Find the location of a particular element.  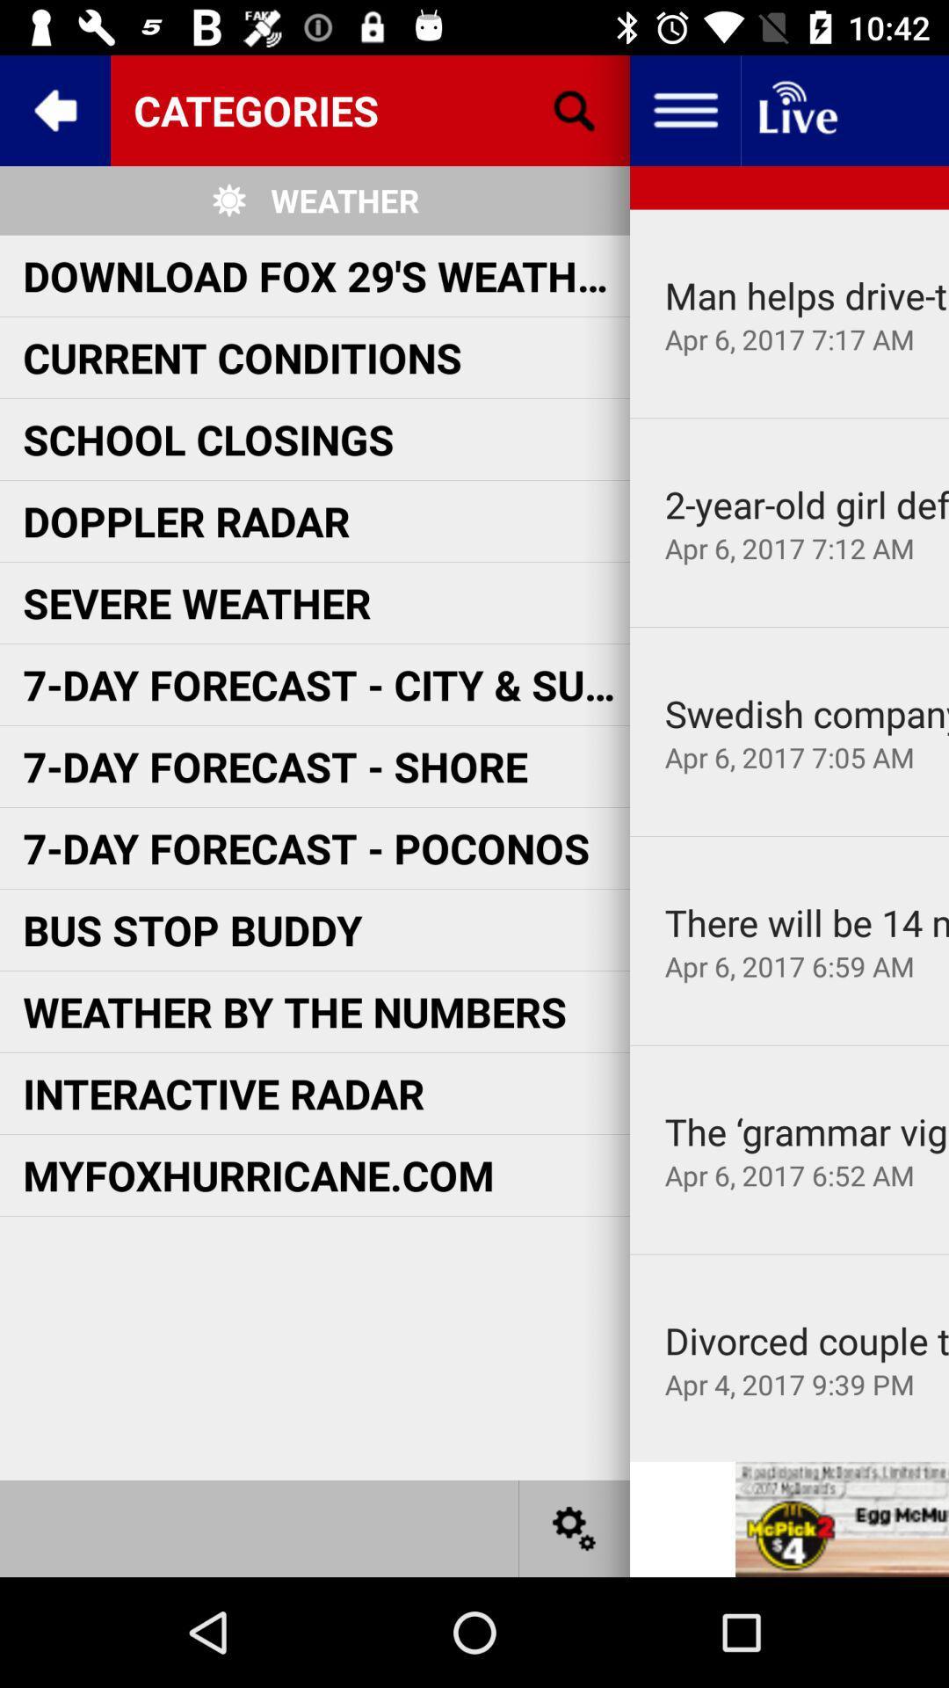

the settings icon is located at coordinates (575, 1527).